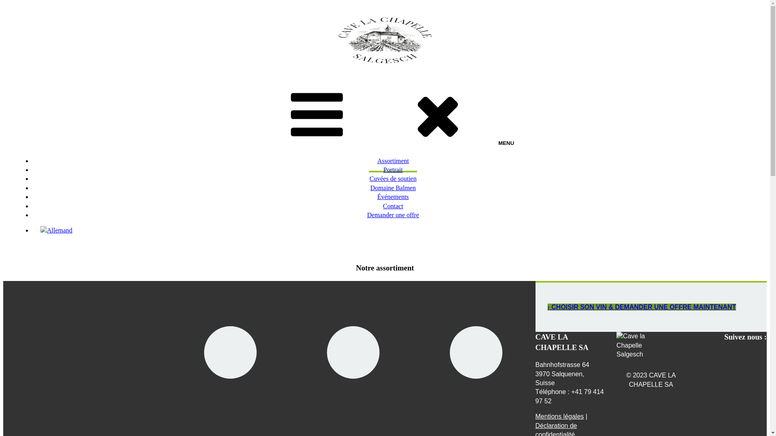 This screenshot has height=436, width=776. I want to click on 'Portrait', so click(392, 170).